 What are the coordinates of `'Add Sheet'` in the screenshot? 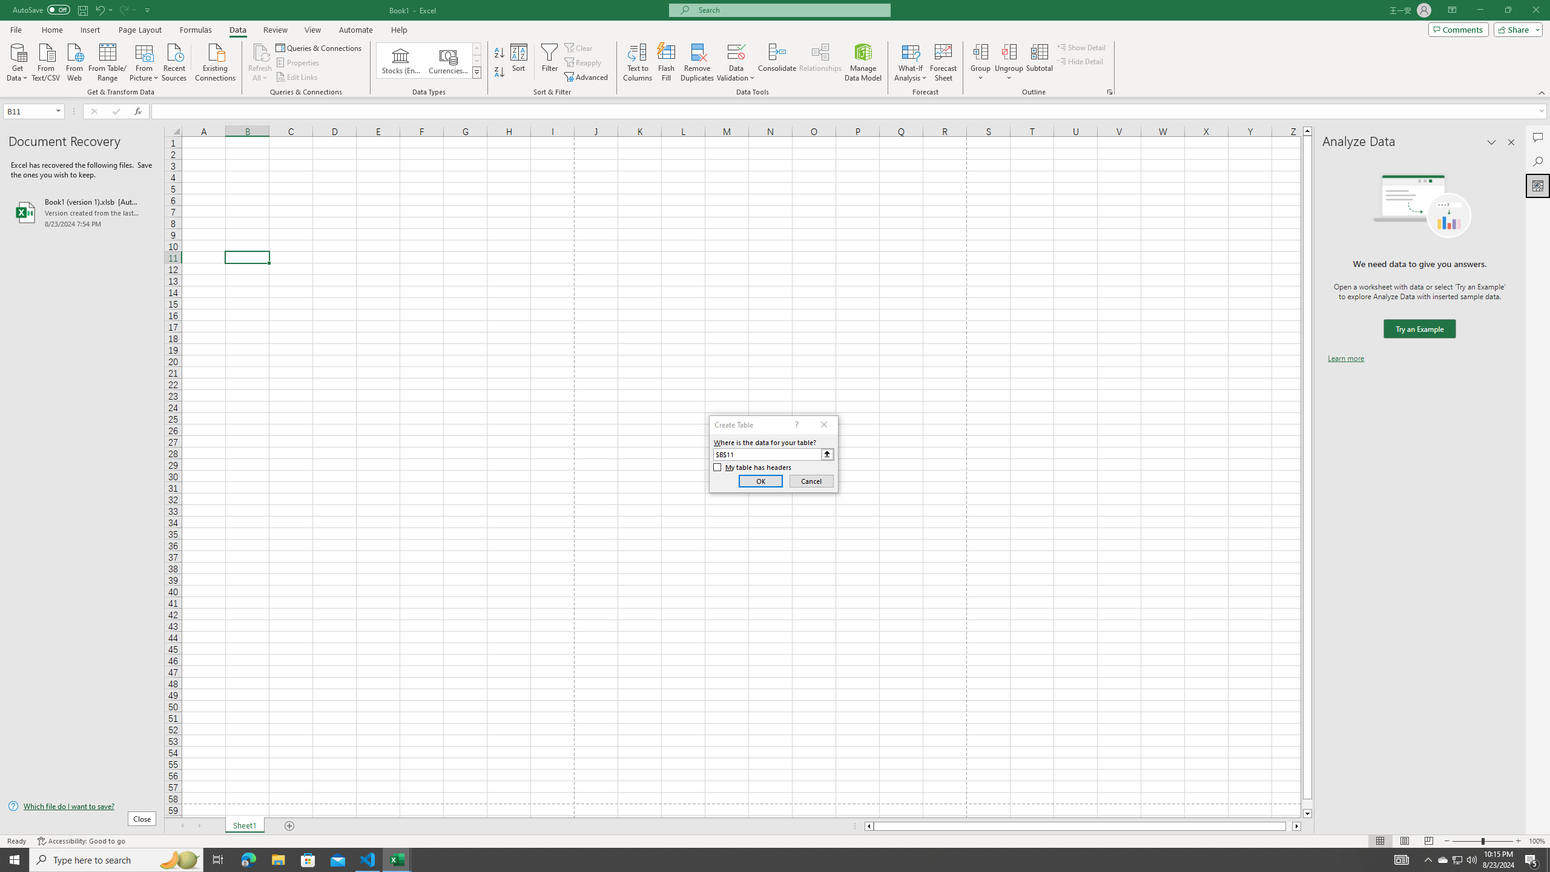 It's located at (291, 825).